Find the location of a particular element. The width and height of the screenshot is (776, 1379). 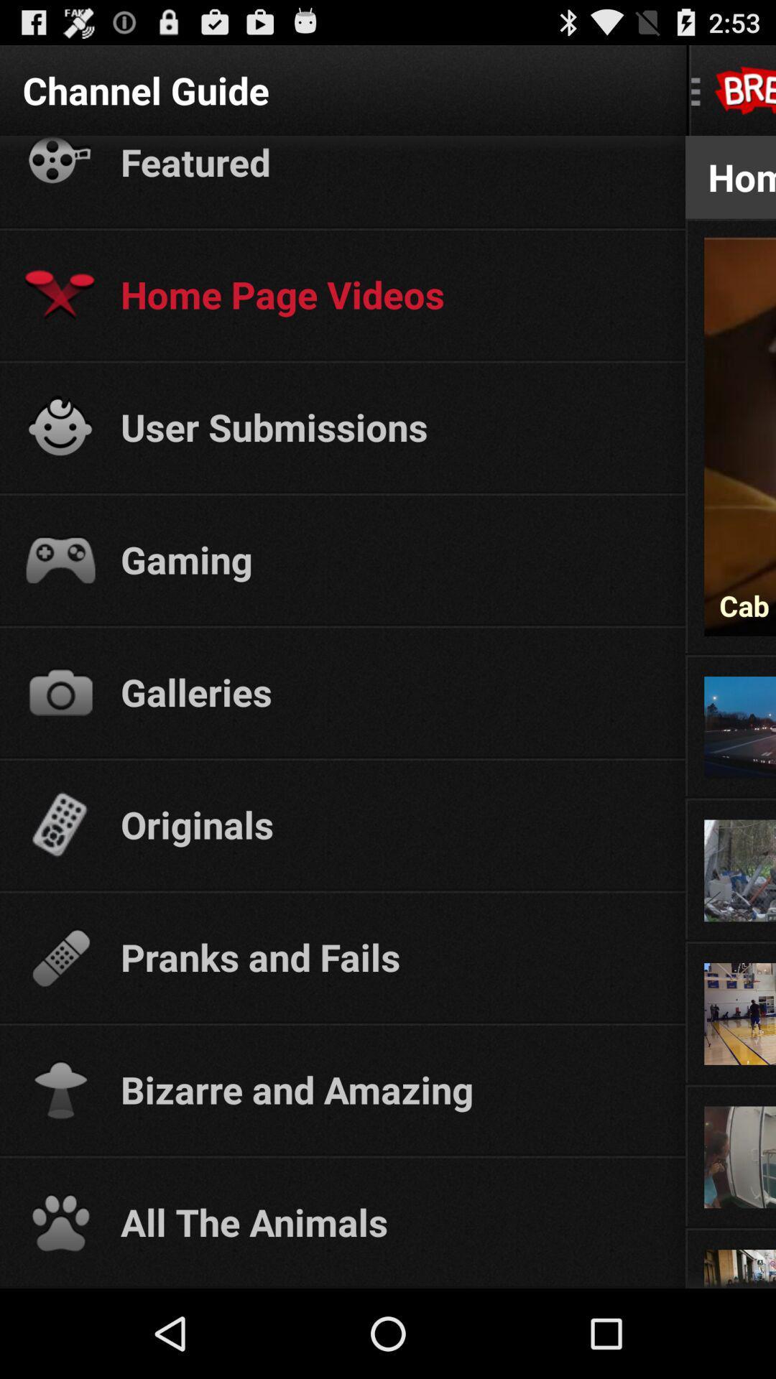

the originals is located at coordinates (389, 824).